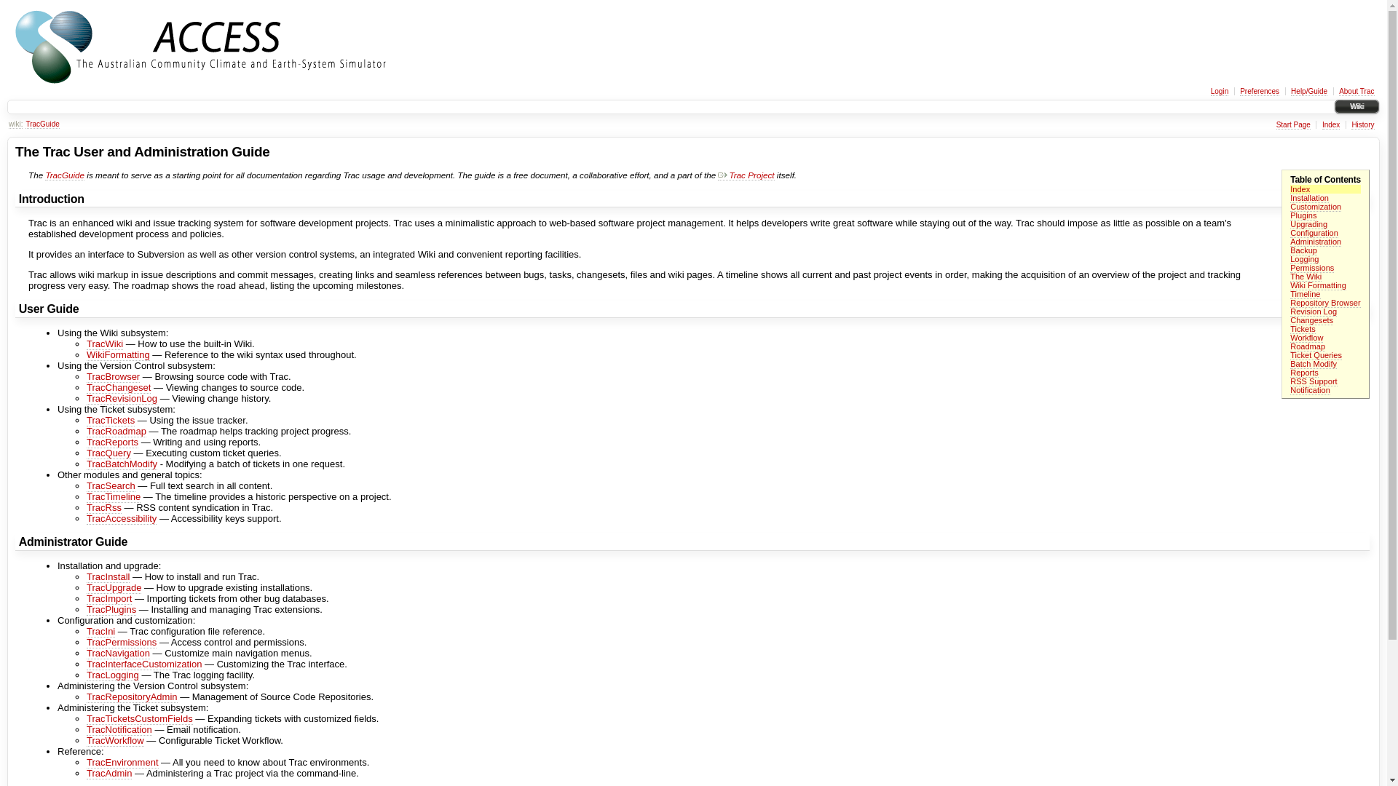  What do you see at coordinates (1356, 106) in the screenshot?
I see `'Wiki'` at bounding box center [1356, 106].